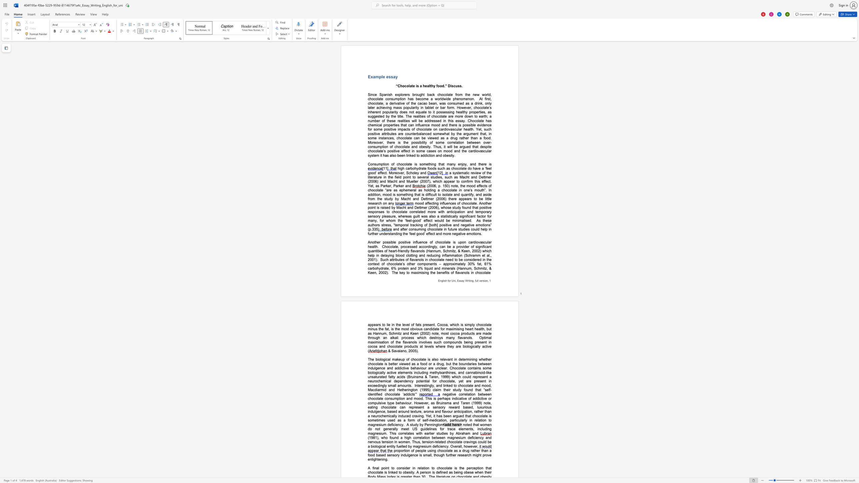 This screenshot has width=859, height=483. Describe the element at coordinates (454, 337) in the screenshot. I see `the 3th character "y" in the text` at that location.